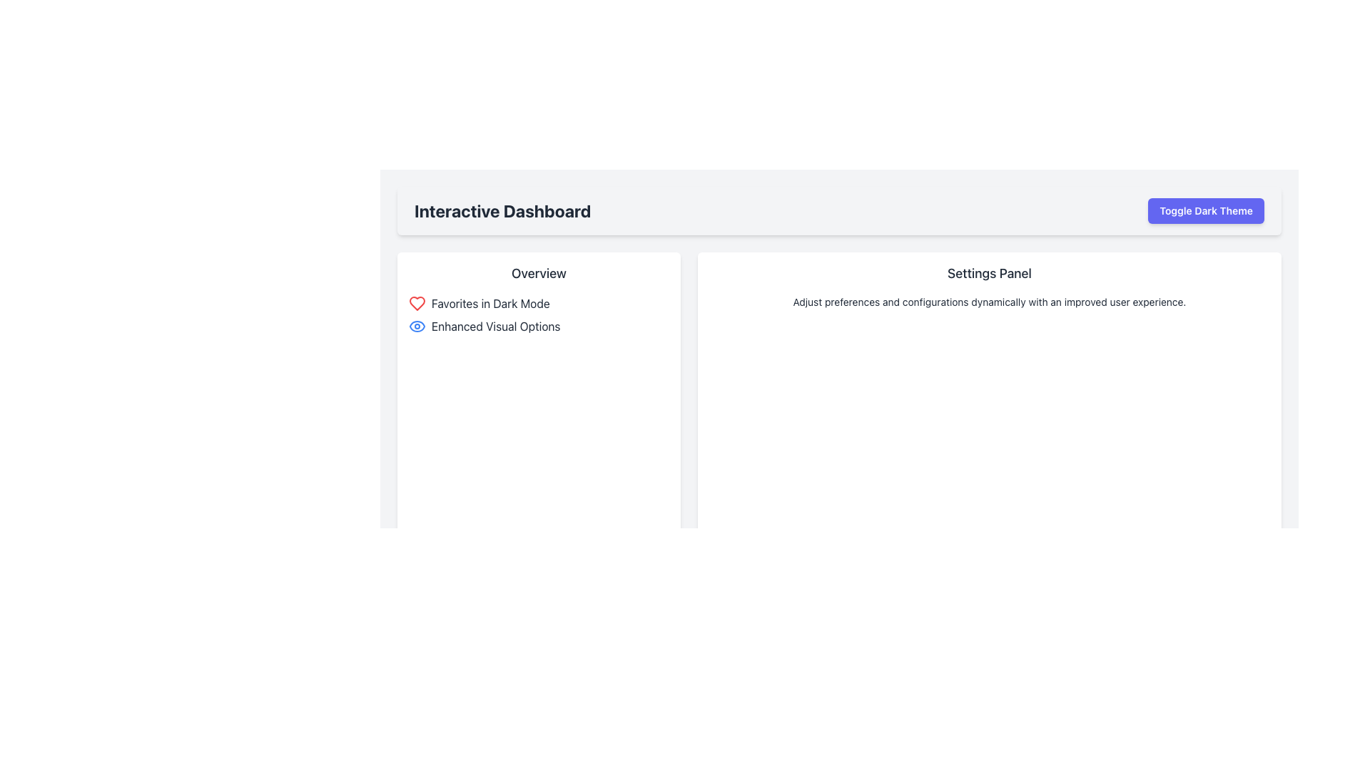 The width and height of the screenshot is (1370, 770). Describe the element at coordinates (989, 302) in the screenshot. I see `the second line of text in the 'Settings Panel' that displays descriptive information regarding the settings and configurations available` at that location.